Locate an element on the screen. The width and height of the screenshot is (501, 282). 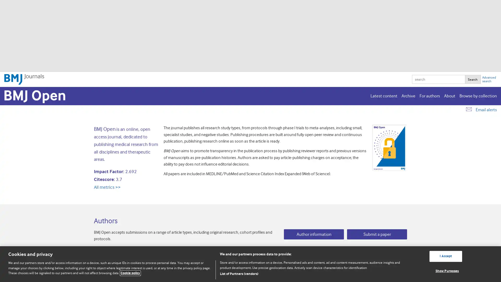
Search is located at coordinates (473, 79).